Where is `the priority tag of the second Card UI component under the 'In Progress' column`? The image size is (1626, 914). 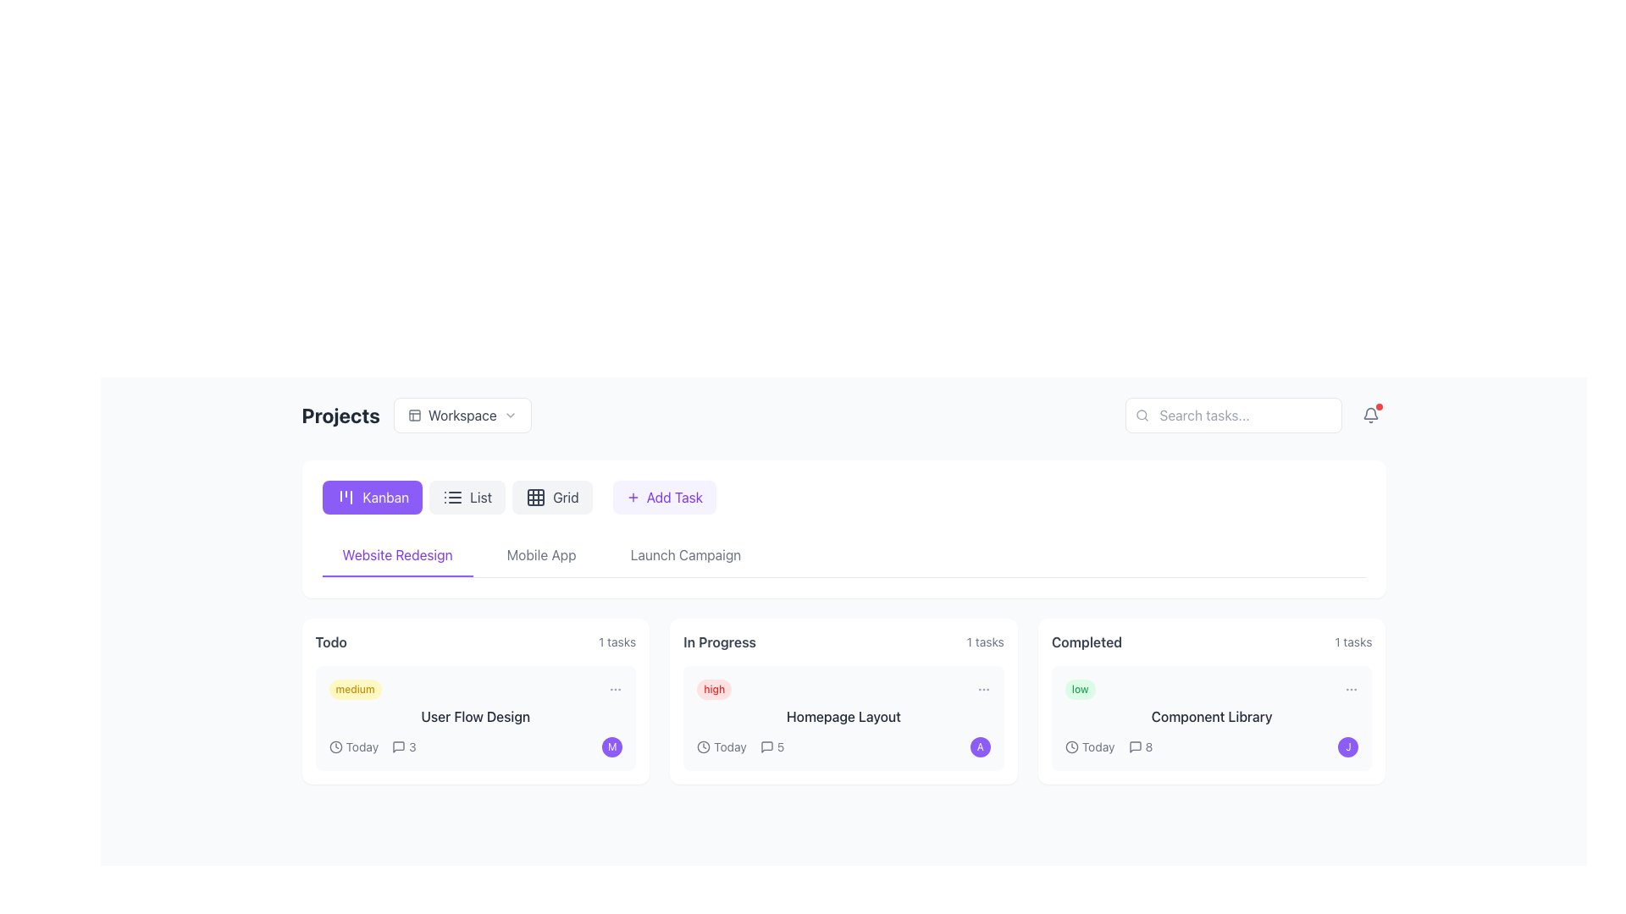
the priority tag of the second Card UI component under the 'In Progress' column is located at coordinates (843, 702).